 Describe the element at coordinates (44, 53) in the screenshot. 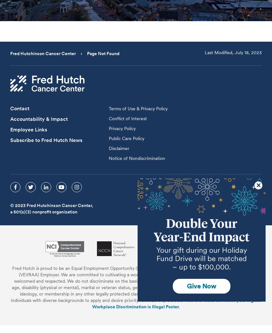

I see `'Fred Hutchinson Cancer Center'` at that location.